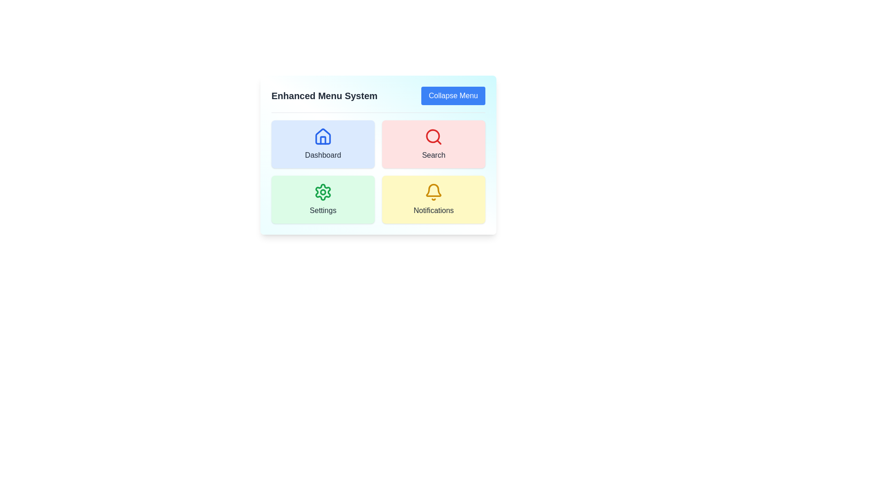 The image size is (885, 498). What do you see at coordinates (323, 191) in the screenshot?
I see `the settings gear icon located inside the green rectangular button labeled 'Settings' in the lower-left quadrant of the interface` at bounding box center [323, 191].